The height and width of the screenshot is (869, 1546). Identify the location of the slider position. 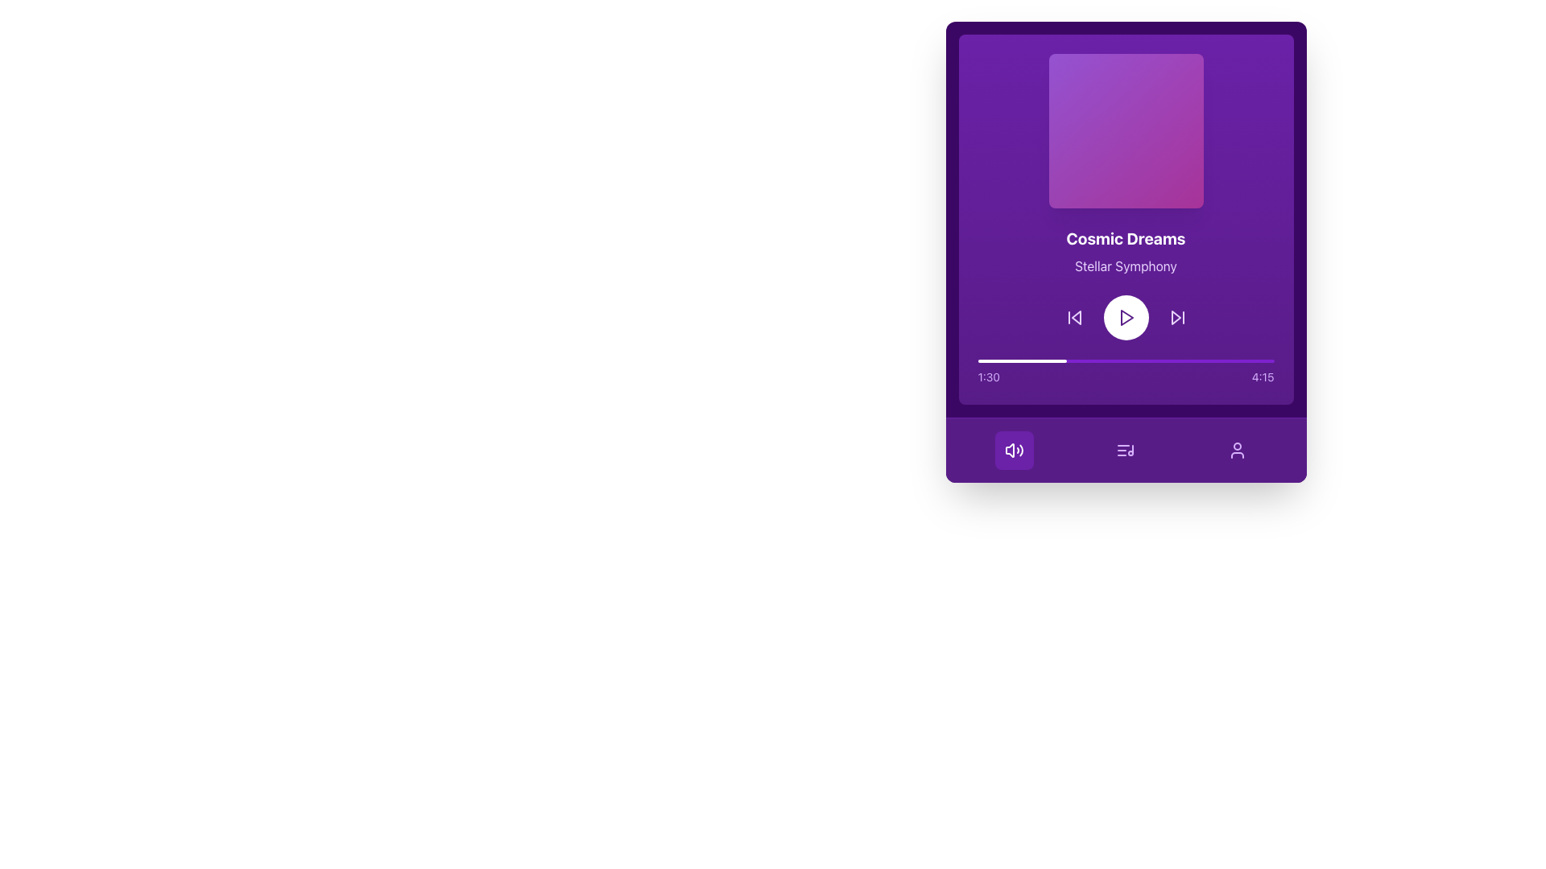
(1047, 360).